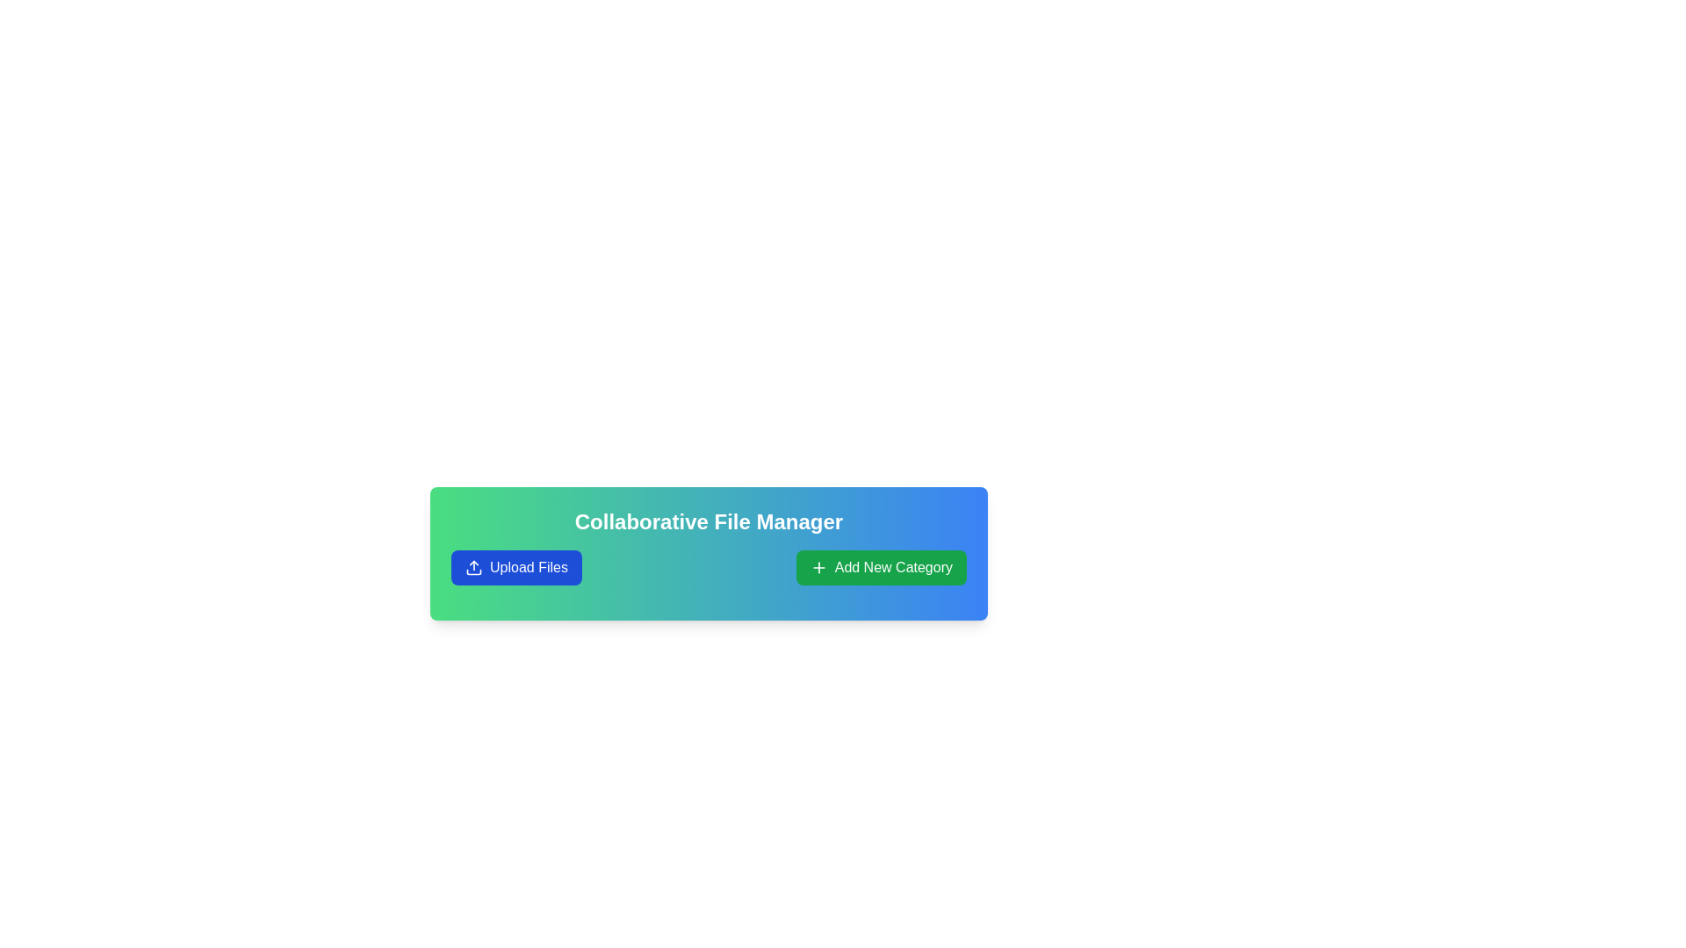 The height and width of the screenshot is (948, 1686). What do you see at coordinates (473, 568) in the screenshot?
I see `the upload icon, which is a minimalistic design of an upward-pointing arrow inside a rectangle, positioned within a blue button labeled 'Upload Files'` at bounding box center [473, 568].